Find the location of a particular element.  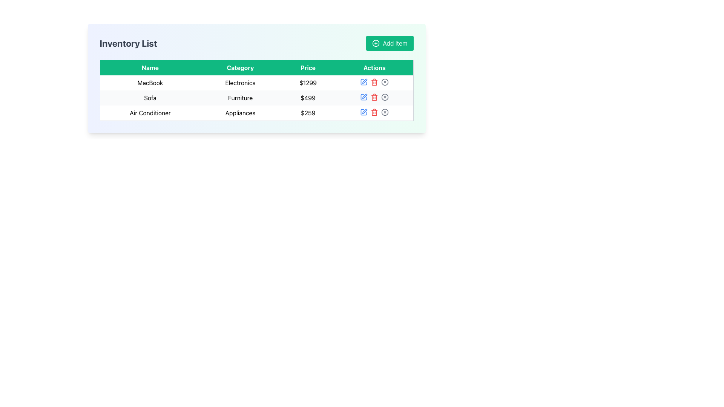

the decorative icon representing the addition functionality within the 'Add Item' button, which is centered in the button's left section is located at coordinates (376, 43).